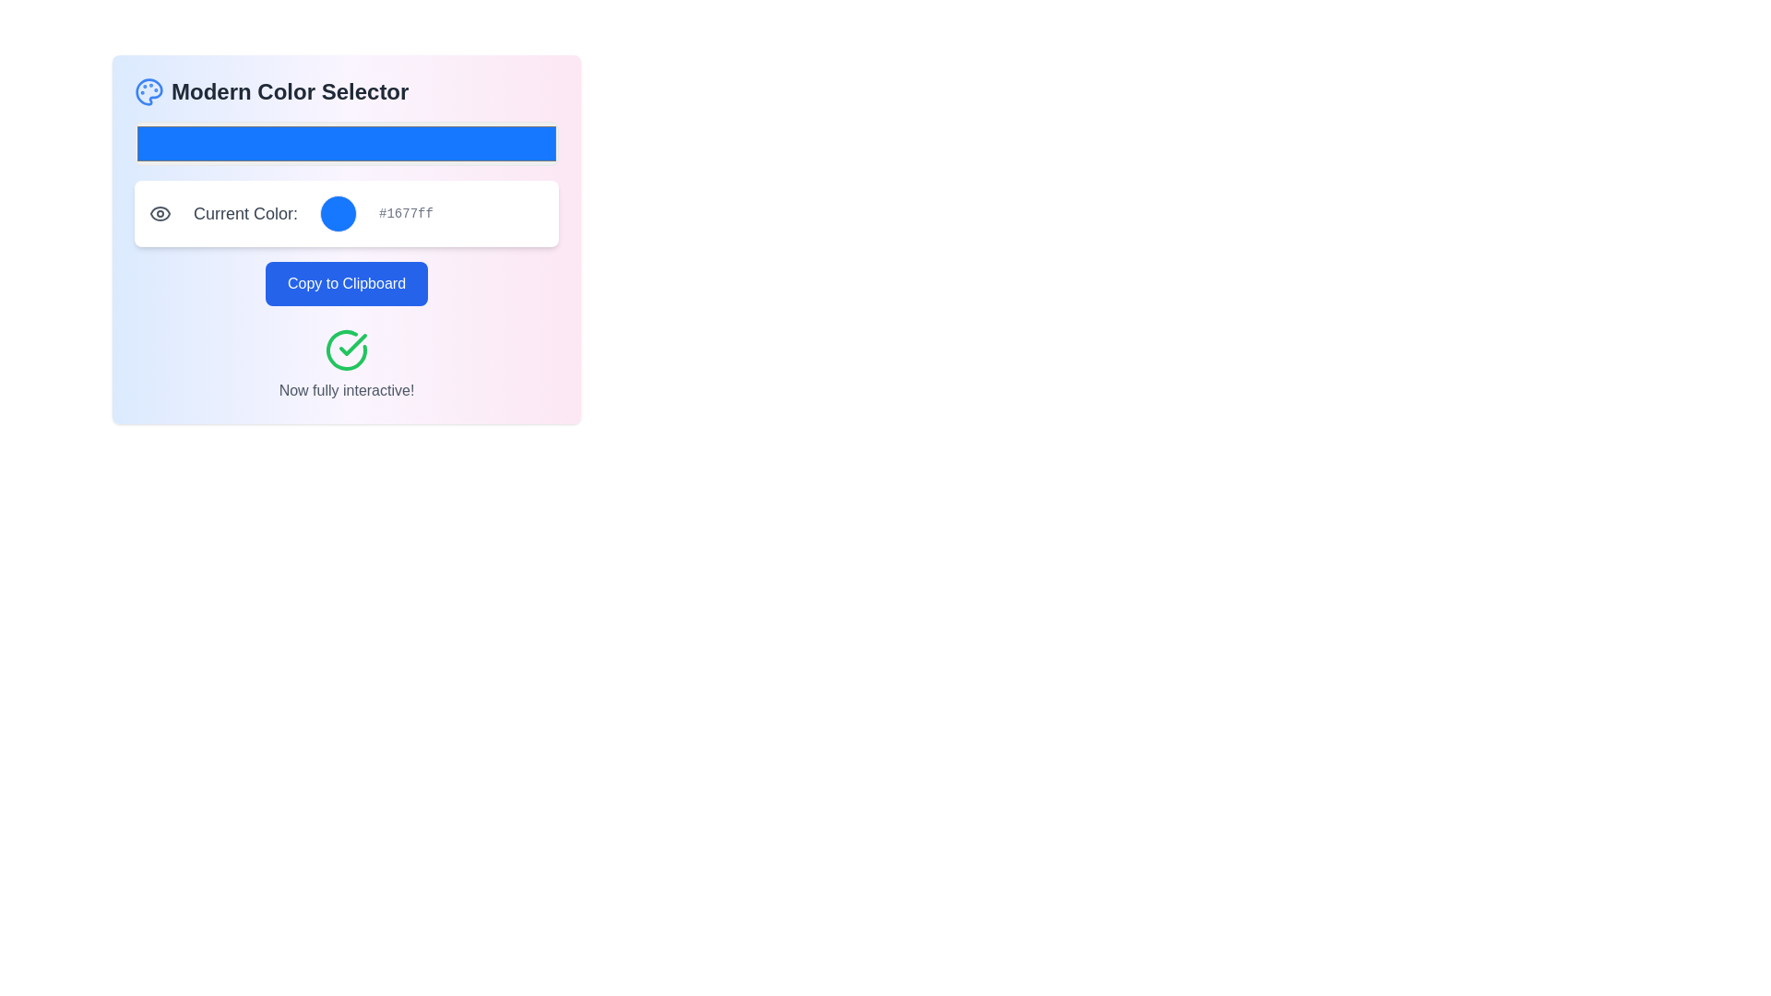 This screenshot has width=1771, height=996. What do you see at coordinates (346, 284) in the screenshot?
I see `the 'Copy to Clipboard' button with a blue background and white text to change its background color` at bounding box center [346, 284].